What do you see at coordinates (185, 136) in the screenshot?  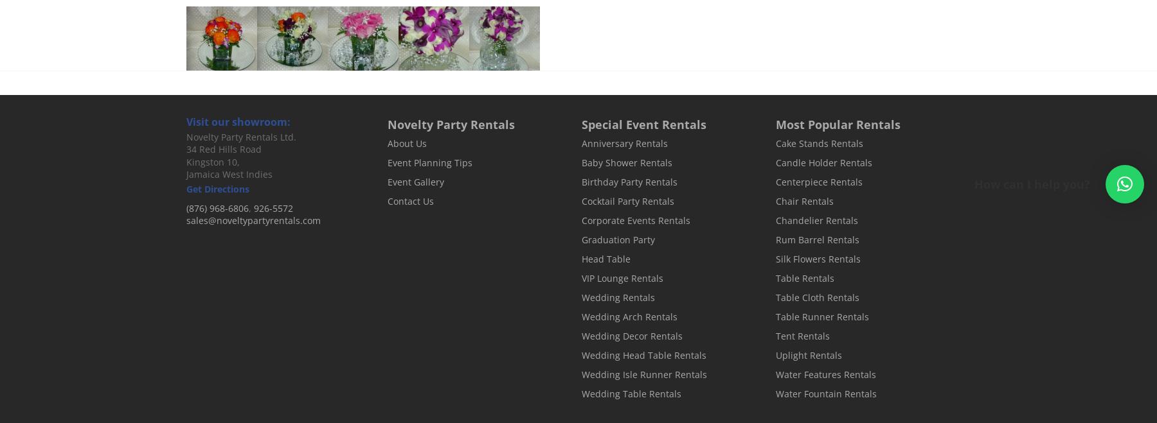 I see `'Novelty Party Rentals Ltd.'` at bounding box center [185, 136].